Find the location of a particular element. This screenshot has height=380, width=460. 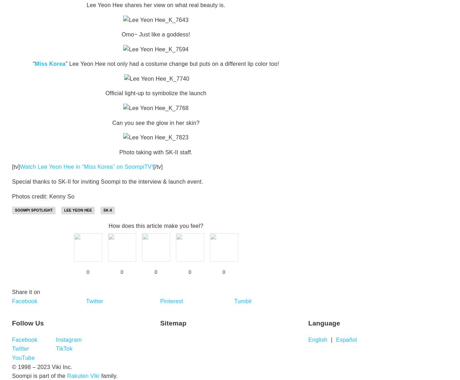

'Watch Lee Yeon Hee in “Miss Korea” on SoompiTV!' is located at coordinates (20, 166).